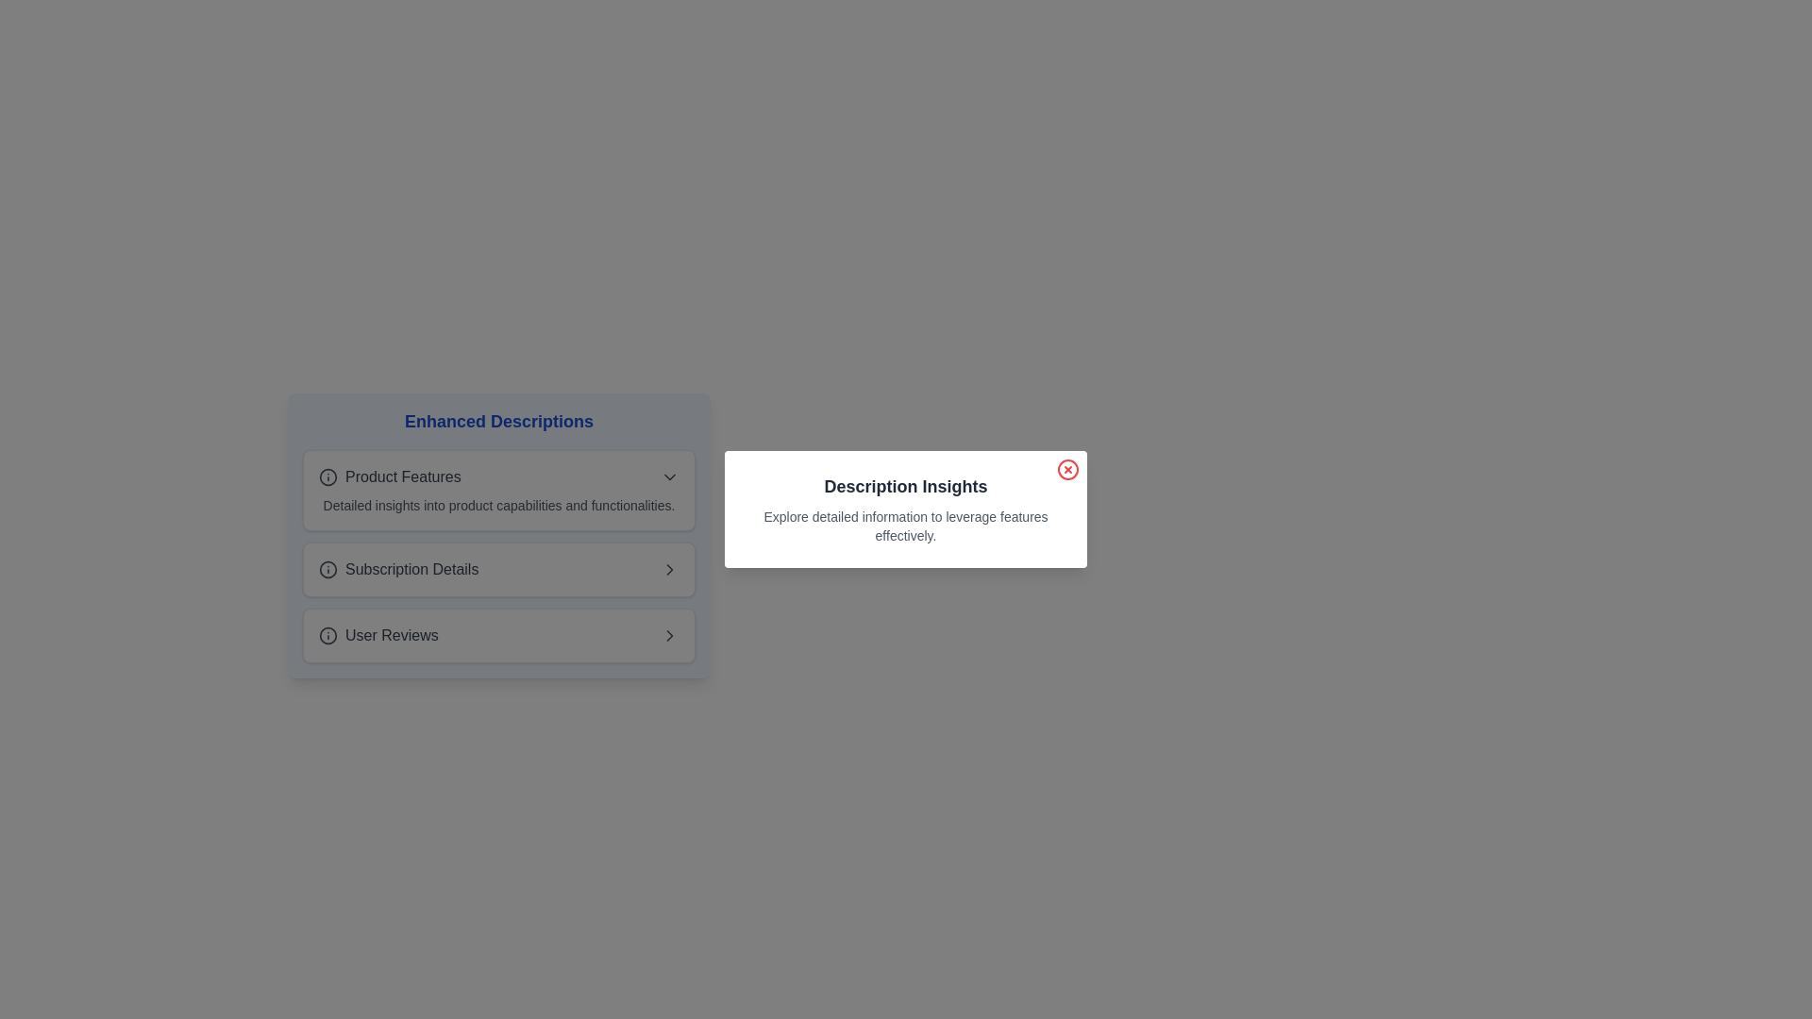  What do you see at coordinates (670, 636) in the screenshot?
I see `the Navigation indicator icon (chevron) located at the far right end of the 'User Reviews' row` at bounding box center [670, 636].